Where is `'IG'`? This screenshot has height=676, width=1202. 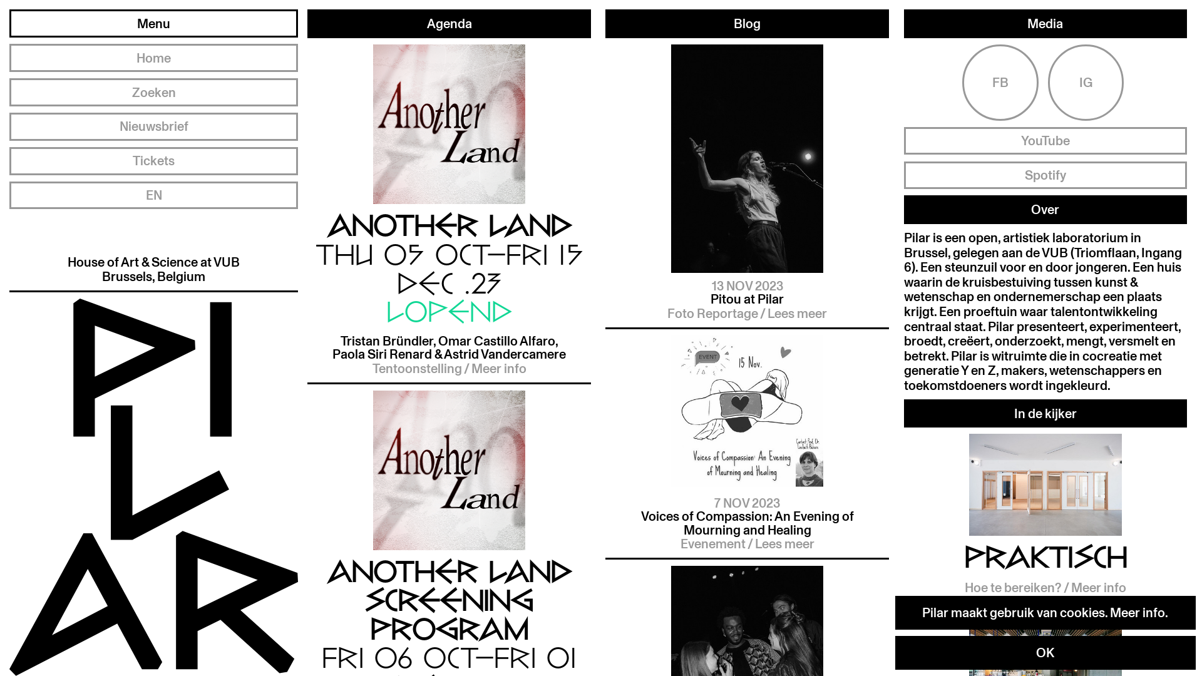 'IG' is located at coordinates (1085, 82).